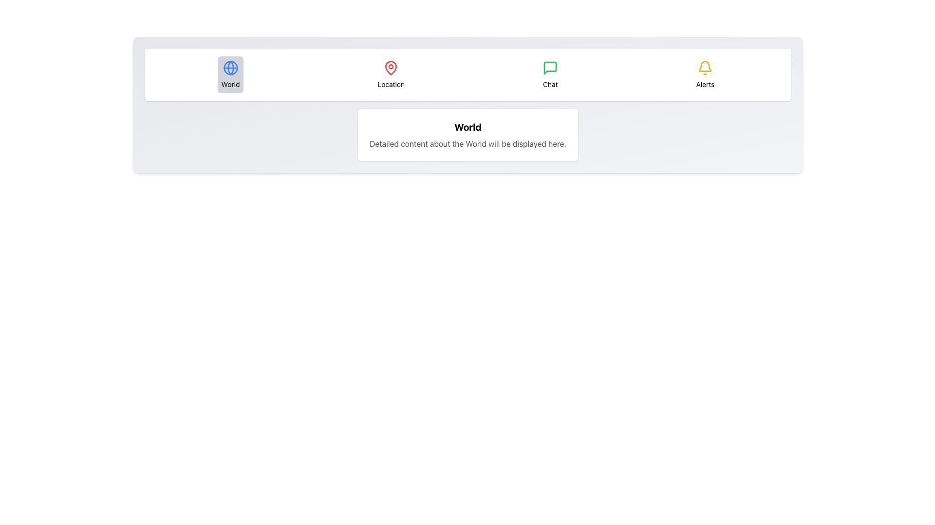  Describe the element at coordinates (391, 67) in the screenshot. I see `the Map Pin icon in the horizontal navigation menu` at that location.